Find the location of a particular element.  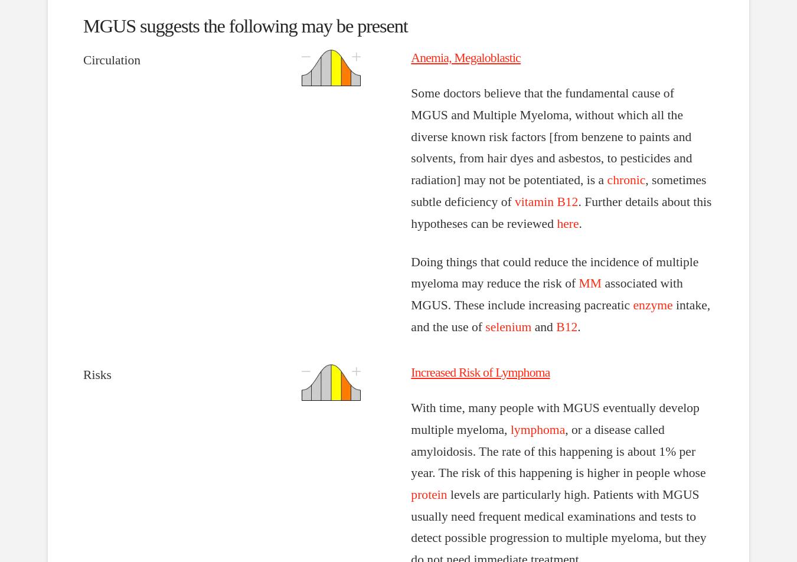

'B12' is located at coordinates (566, 326).